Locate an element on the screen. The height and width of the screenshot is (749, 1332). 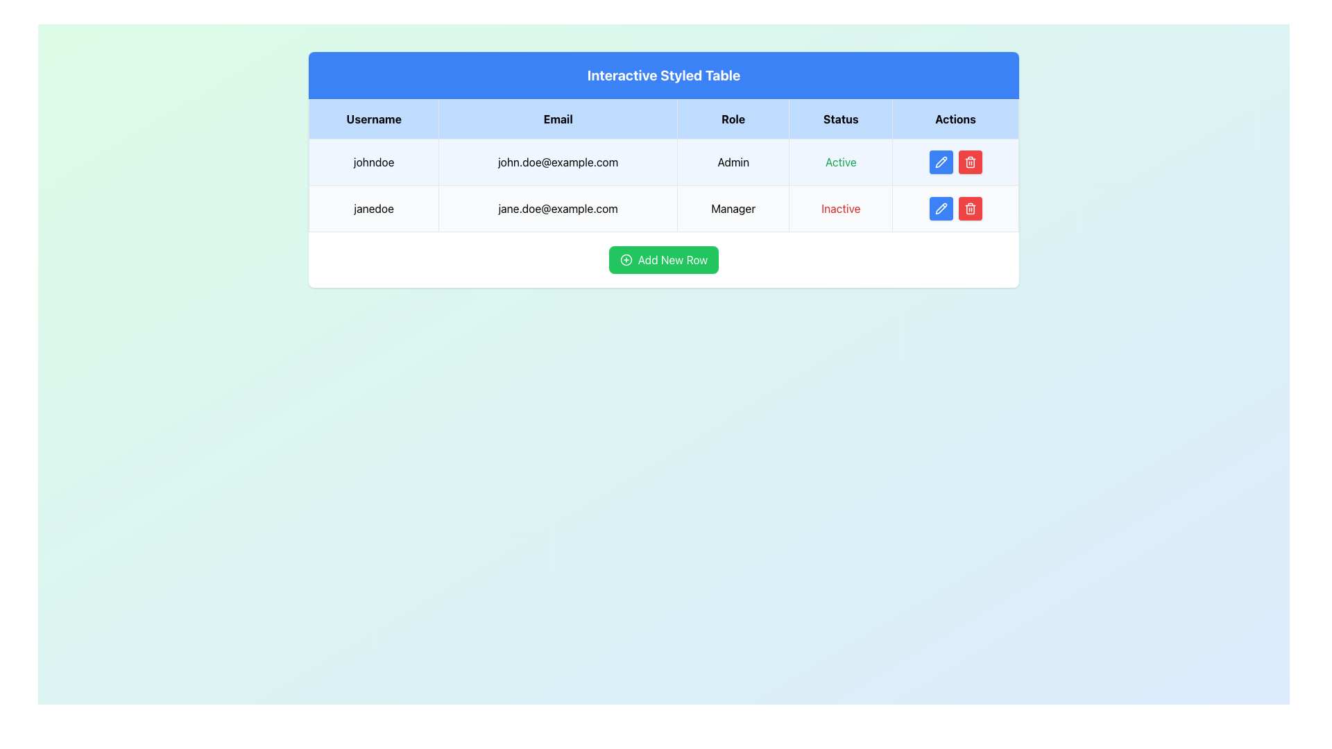
the pencil icon located in the 'Actions' column of the first row in the table is located at coordinates (941, 162).